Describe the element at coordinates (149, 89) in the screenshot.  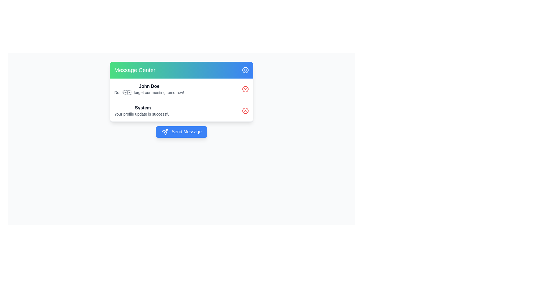
I see `the text display element containing the bolded name 'John Doe' and the message 'Don’t forget our meeting tomorrow!' located in the 'Message Center'` at that location.